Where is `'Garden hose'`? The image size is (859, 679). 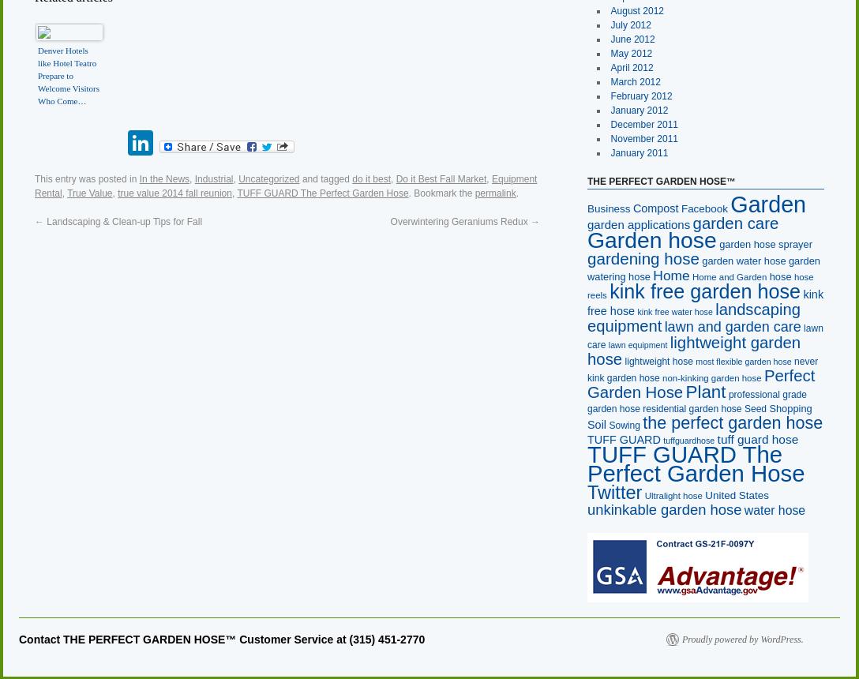
'Garden hose' is located at coordinates (651, 238).